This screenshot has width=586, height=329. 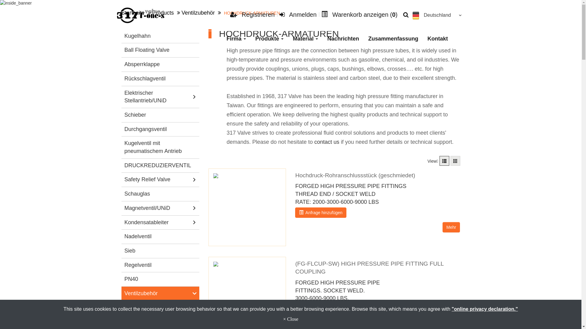 What do you see at coordinates (451, 227) in the screenshot?
I see `'Mehr'` at bounding box center [451, 227].